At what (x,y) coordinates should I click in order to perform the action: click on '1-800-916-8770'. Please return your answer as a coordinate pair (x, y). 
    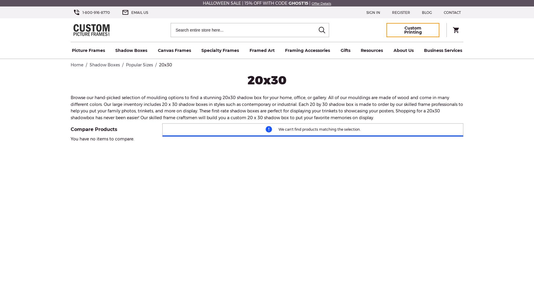
    Looking at the image, I should click on (96, 12).